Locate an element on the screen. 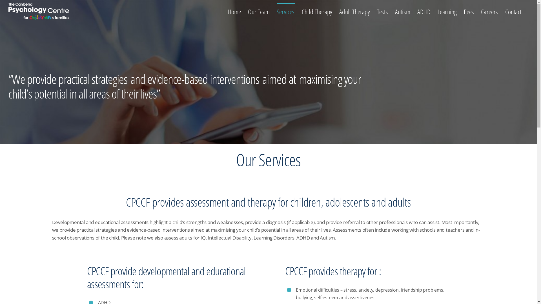 The width and height of the screenshot is (541, 304). 'Adult Therapy' is located at coordinates (354, 11).